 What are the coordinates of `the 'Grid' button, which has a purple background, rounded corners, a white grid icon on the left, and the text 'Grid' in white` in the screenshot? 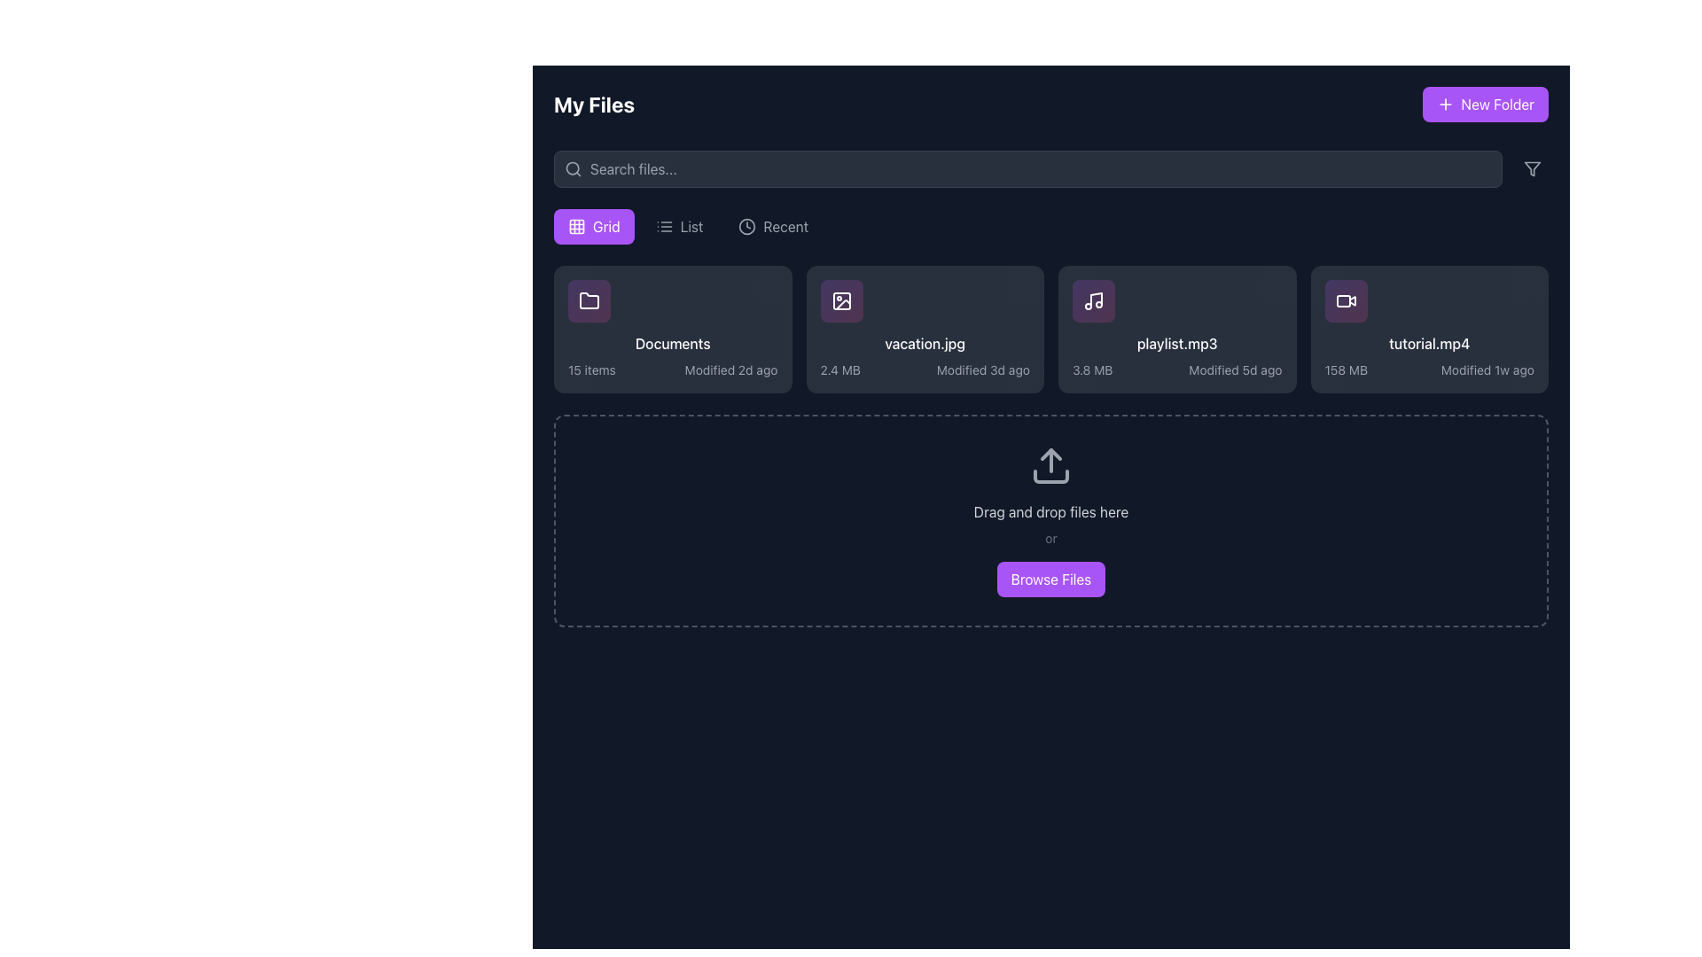 It's located at (594, 225).